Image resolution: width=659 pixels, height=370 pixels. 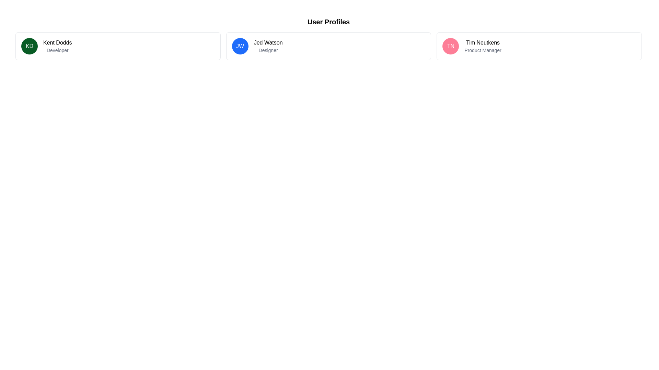 What do you see at coordinates (118, 46) in the screenshot?
I see `the user profile card for 'Kent Dodds' which features a circular avatar with 'KD' on a green background and the text 'Kent Dodds' in bold with 'Developer' below it` at bounding box center [118, 46].